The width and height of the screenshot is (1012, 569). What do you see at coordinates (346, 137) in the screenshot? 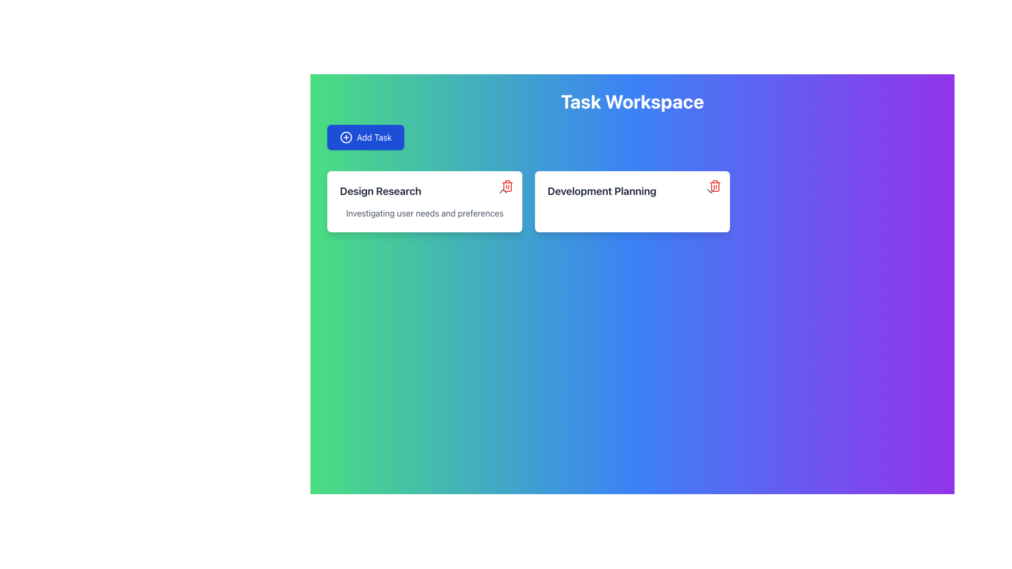
I see `the circular graphical icon component located to the left of the 'Add Task' text in the blue button at the top-left area of the interface` at bounding box center [346, 137].